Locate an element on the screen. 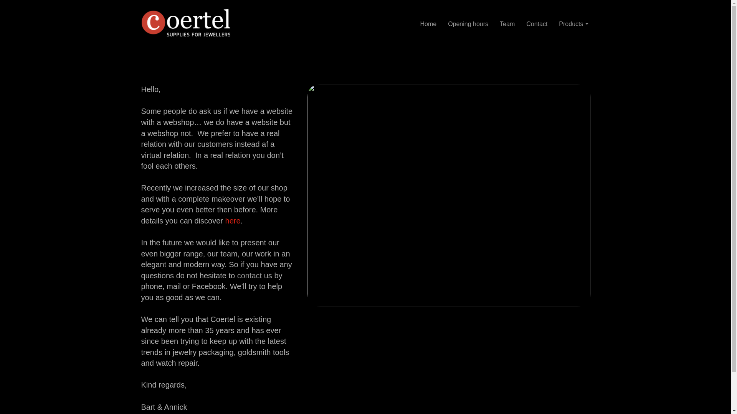 The width and height of the screenshot is (737, 414). 'Home' is located at coordinates (428, 23).